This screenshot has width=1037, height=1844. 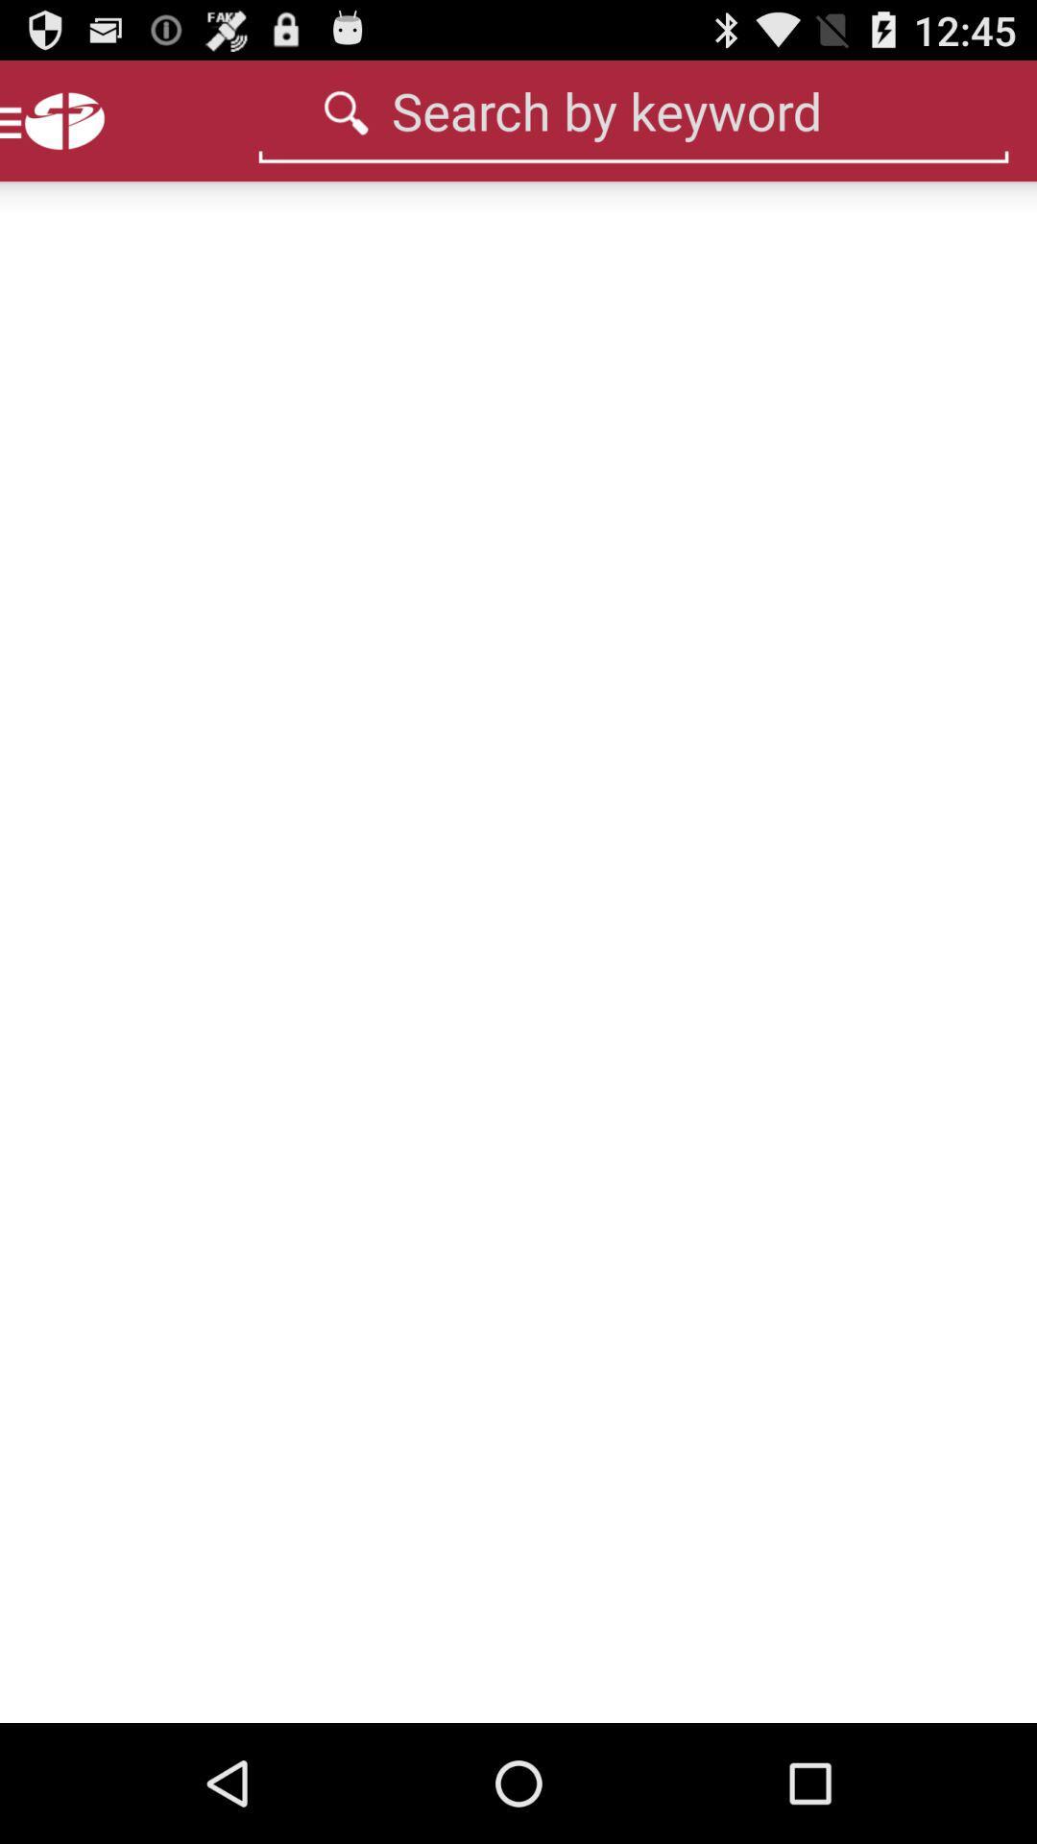 I want to click on search by keyword, so click(x=633, y=109).